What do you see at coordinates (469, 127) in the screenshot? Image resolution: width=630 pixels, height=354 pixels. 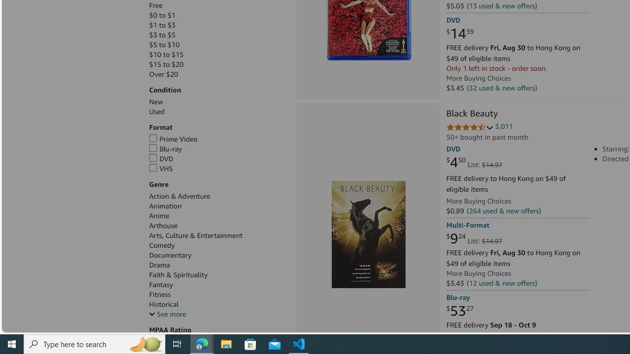 I see `'4.7 out of 5 stars'` at bounding box center [469, 127].